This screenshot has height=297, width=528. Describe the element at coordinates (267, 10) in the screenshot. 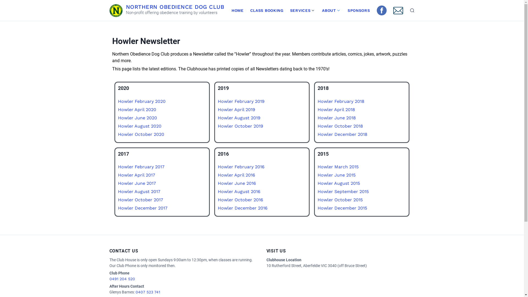

I see `'CLASS BOOKING'` at that location.